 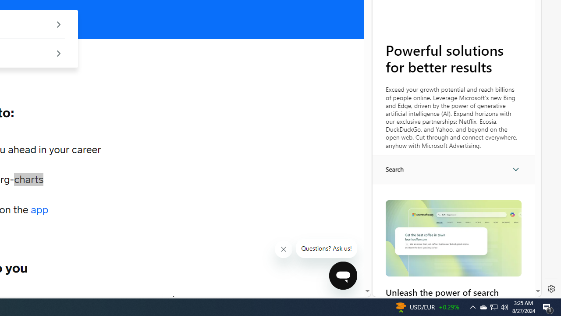 What do you see at coordinates (326, 248) in the screenshot?
I see `'Questions? Ask us!'` at bounding box center [326, 248].